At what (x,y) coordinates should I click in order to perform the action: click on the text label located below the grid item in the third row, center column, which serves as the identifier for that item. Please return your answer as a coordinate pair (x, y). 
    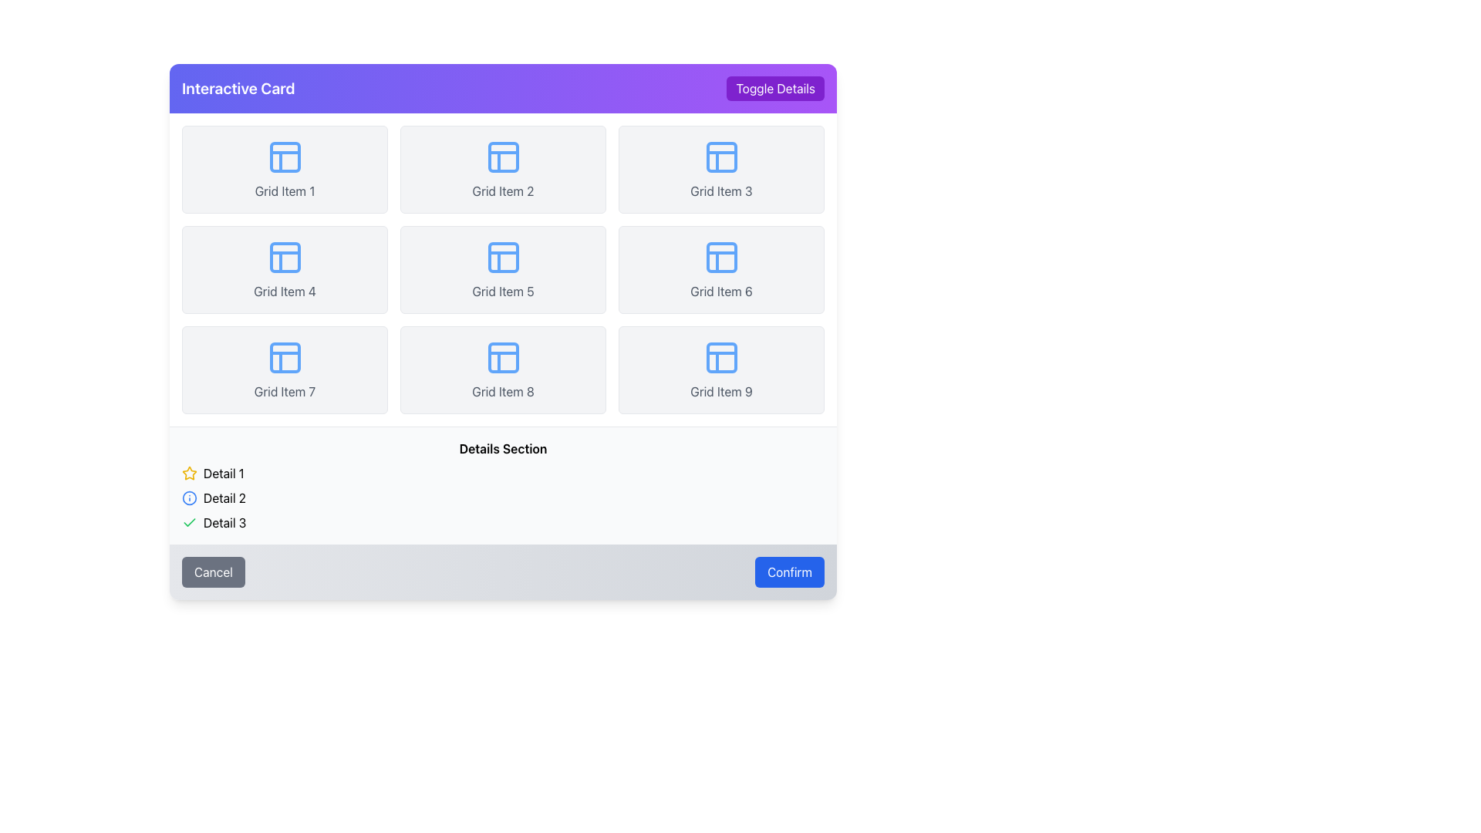
    Looking at the image, I should click on (503, 391).